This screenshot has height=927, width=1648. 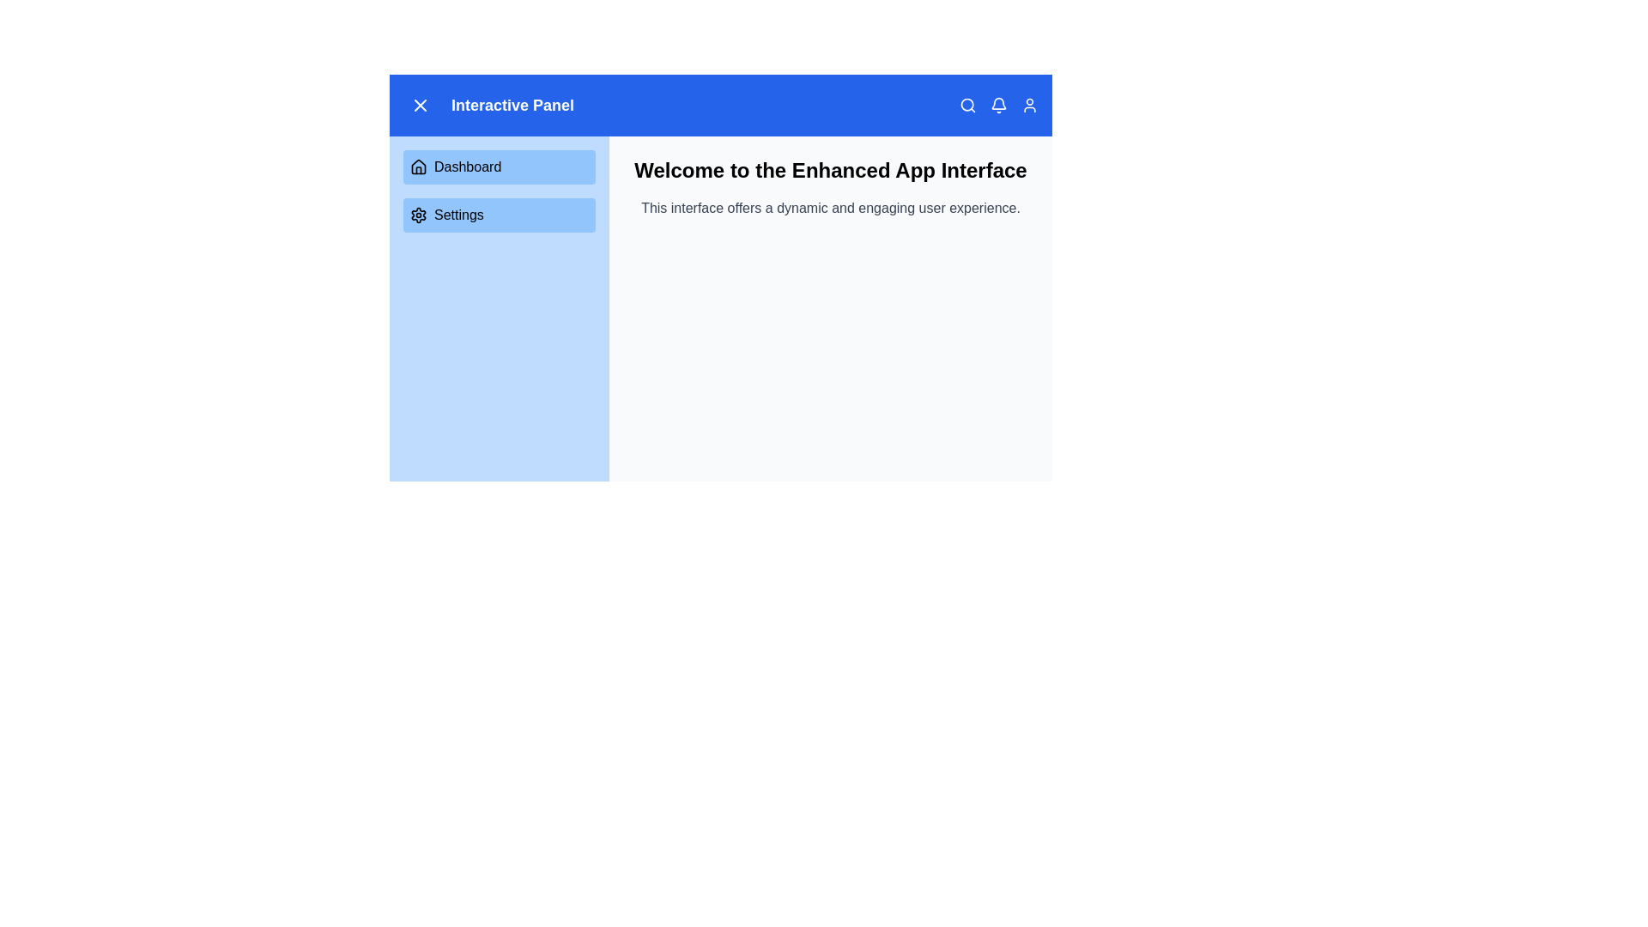 I want to click on the notification bell icon located in the top-right corner of the header, so click(x=998, y=106).